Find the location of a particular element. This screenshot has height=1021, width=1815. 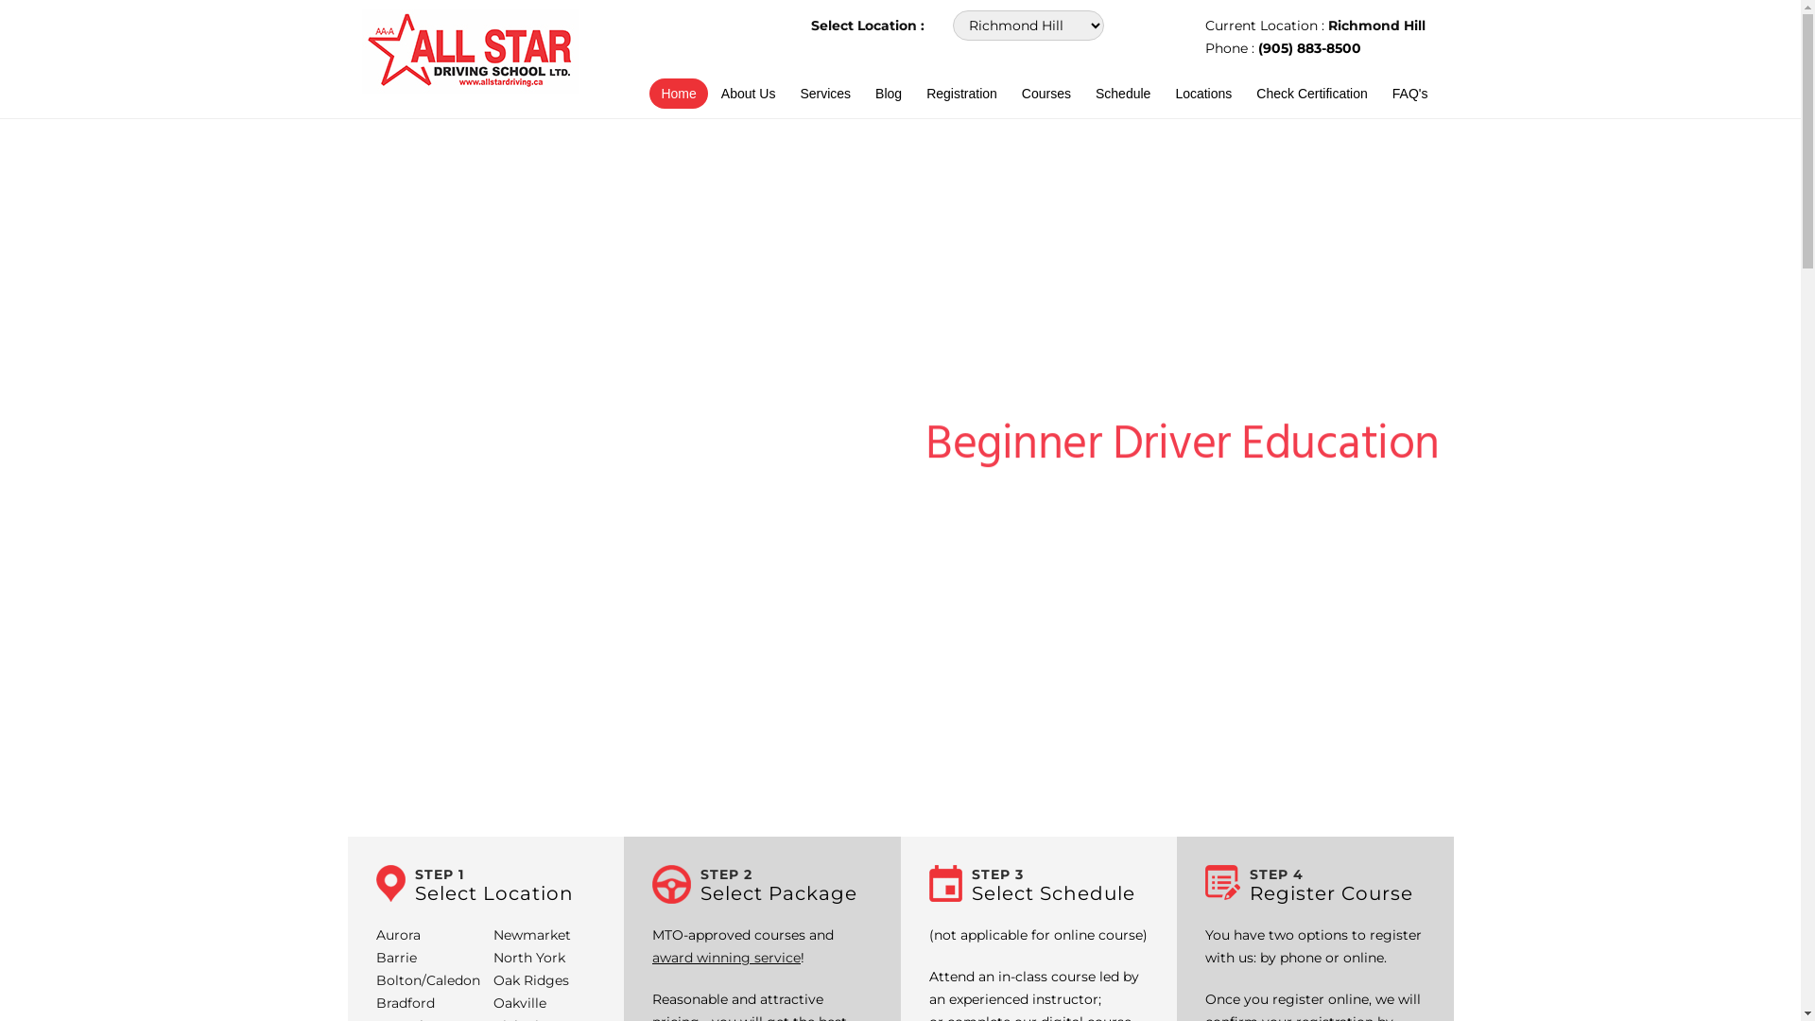

'Oak Ridges' is located at coordinates (529, 979).